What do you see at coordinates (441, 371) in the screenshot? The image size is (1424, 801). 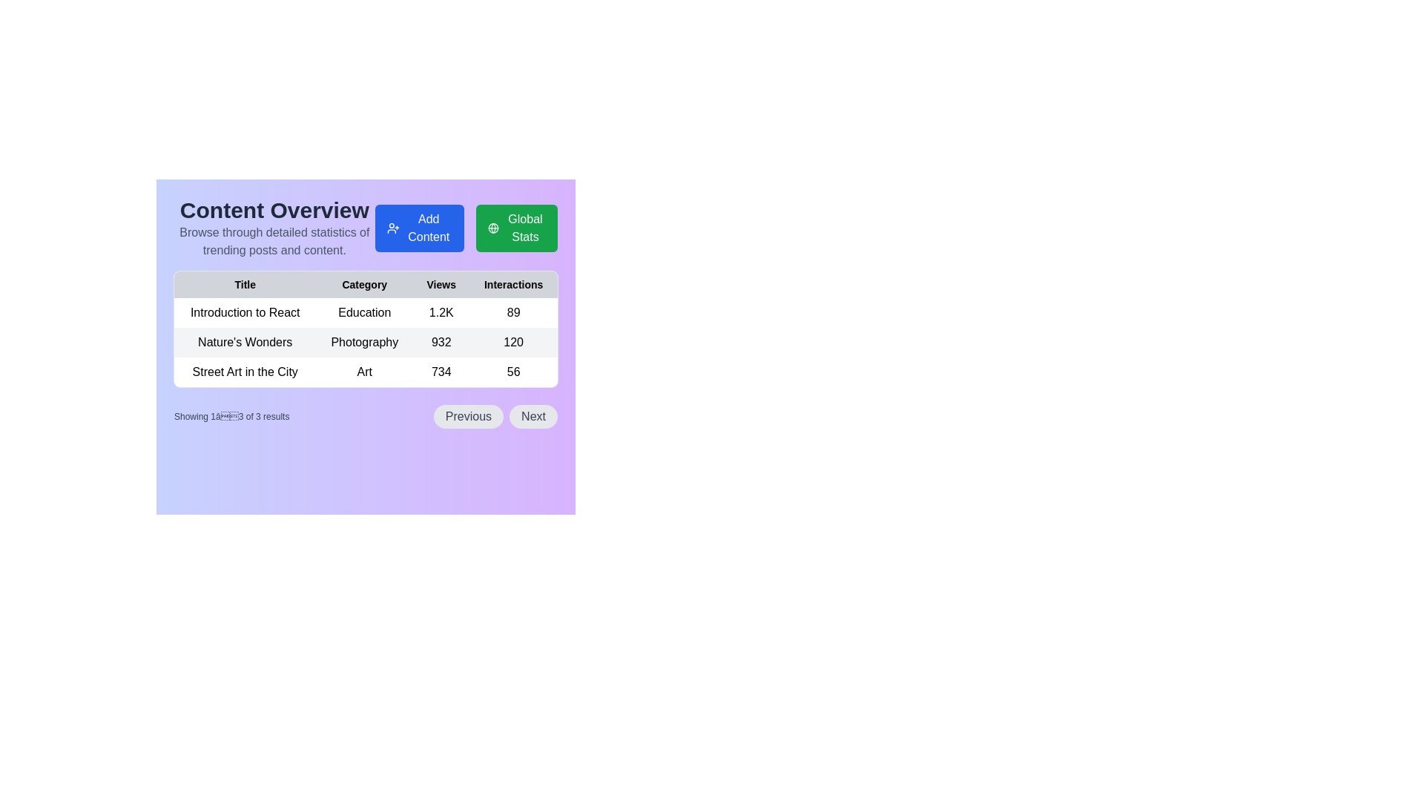 I see `the numeric text label '734' located in the third row of the table under the 'Views' column` at bounding box center [441, 371].